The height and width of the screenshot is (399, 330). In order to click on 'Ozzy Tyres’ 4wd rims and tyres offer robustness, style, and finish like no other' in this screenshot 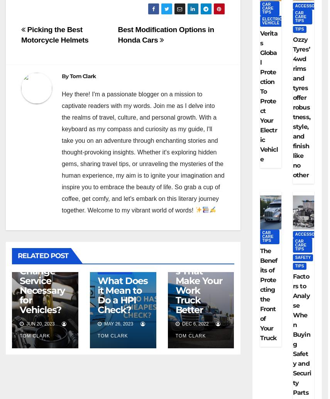, I will do `click(301, 107)`.